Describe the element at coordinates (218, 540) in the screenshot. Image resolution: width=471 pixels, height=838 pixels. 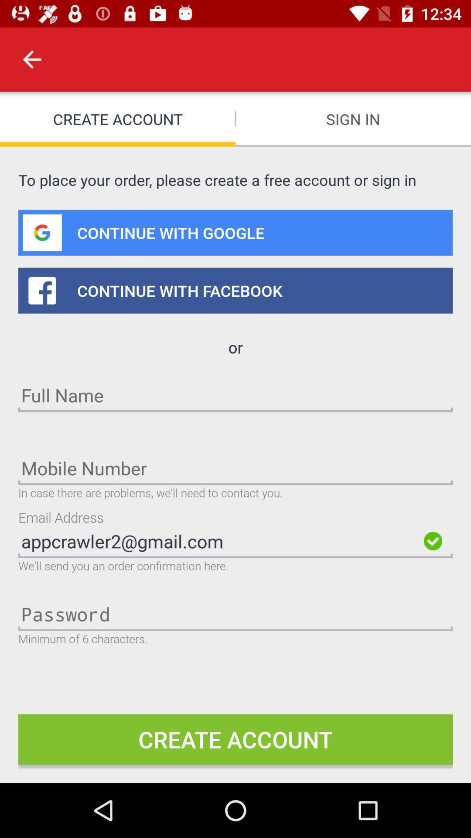
I see `item below email address` at that location.